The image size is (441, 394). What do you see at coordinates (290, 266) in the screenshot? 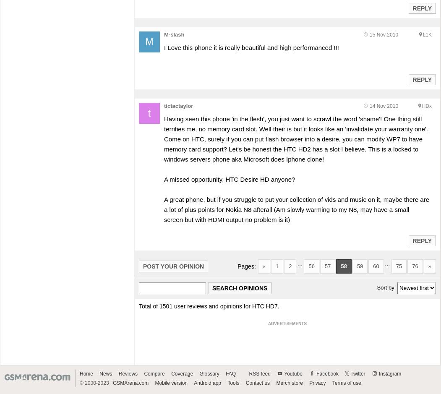
I see `'2'` at bounding box center [290, 266].